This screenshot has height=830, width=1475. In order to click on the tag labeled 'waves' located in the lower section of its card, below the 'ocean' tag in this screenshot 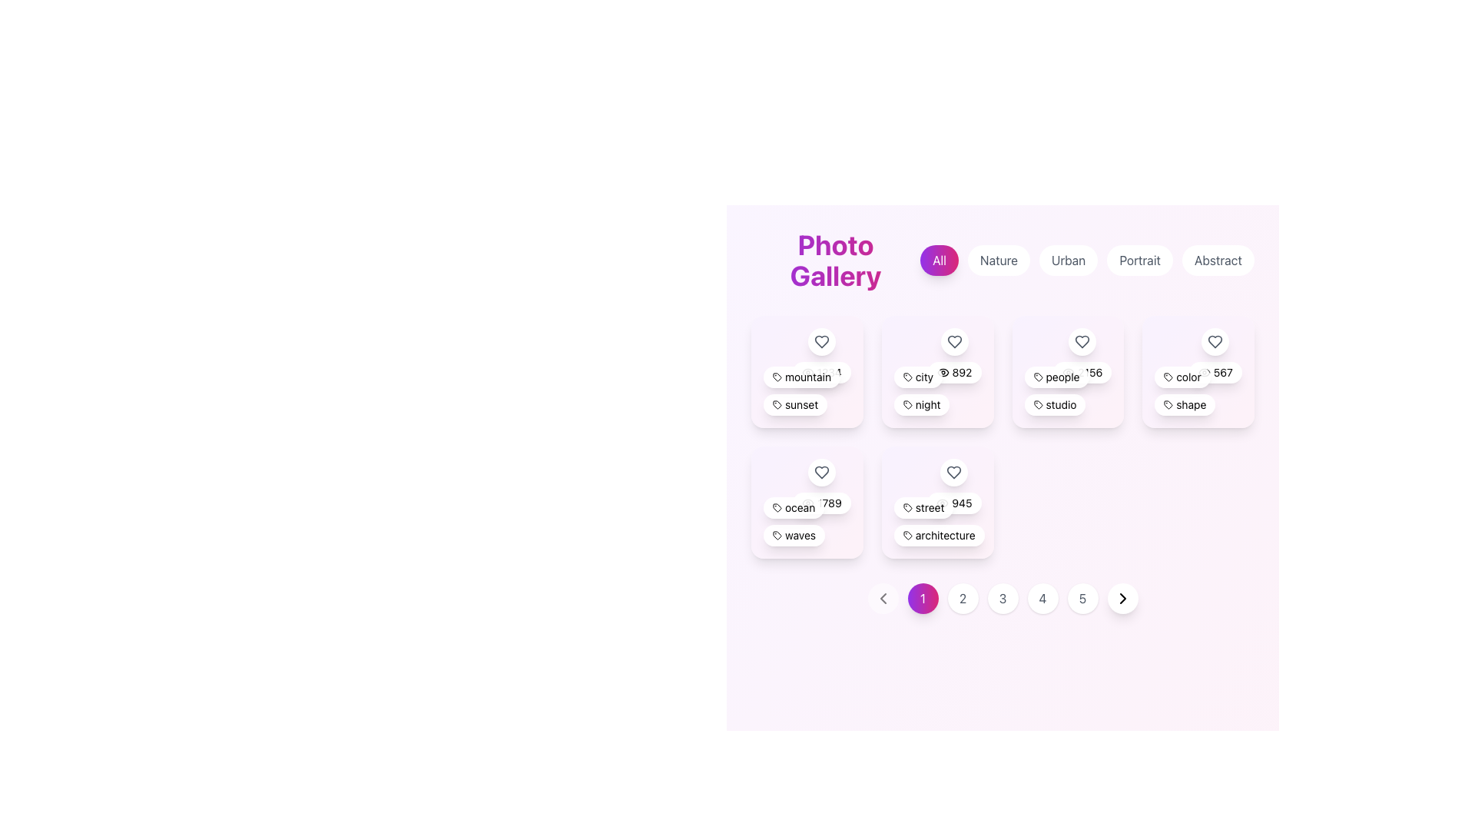, I will do `click(794, 534)`.